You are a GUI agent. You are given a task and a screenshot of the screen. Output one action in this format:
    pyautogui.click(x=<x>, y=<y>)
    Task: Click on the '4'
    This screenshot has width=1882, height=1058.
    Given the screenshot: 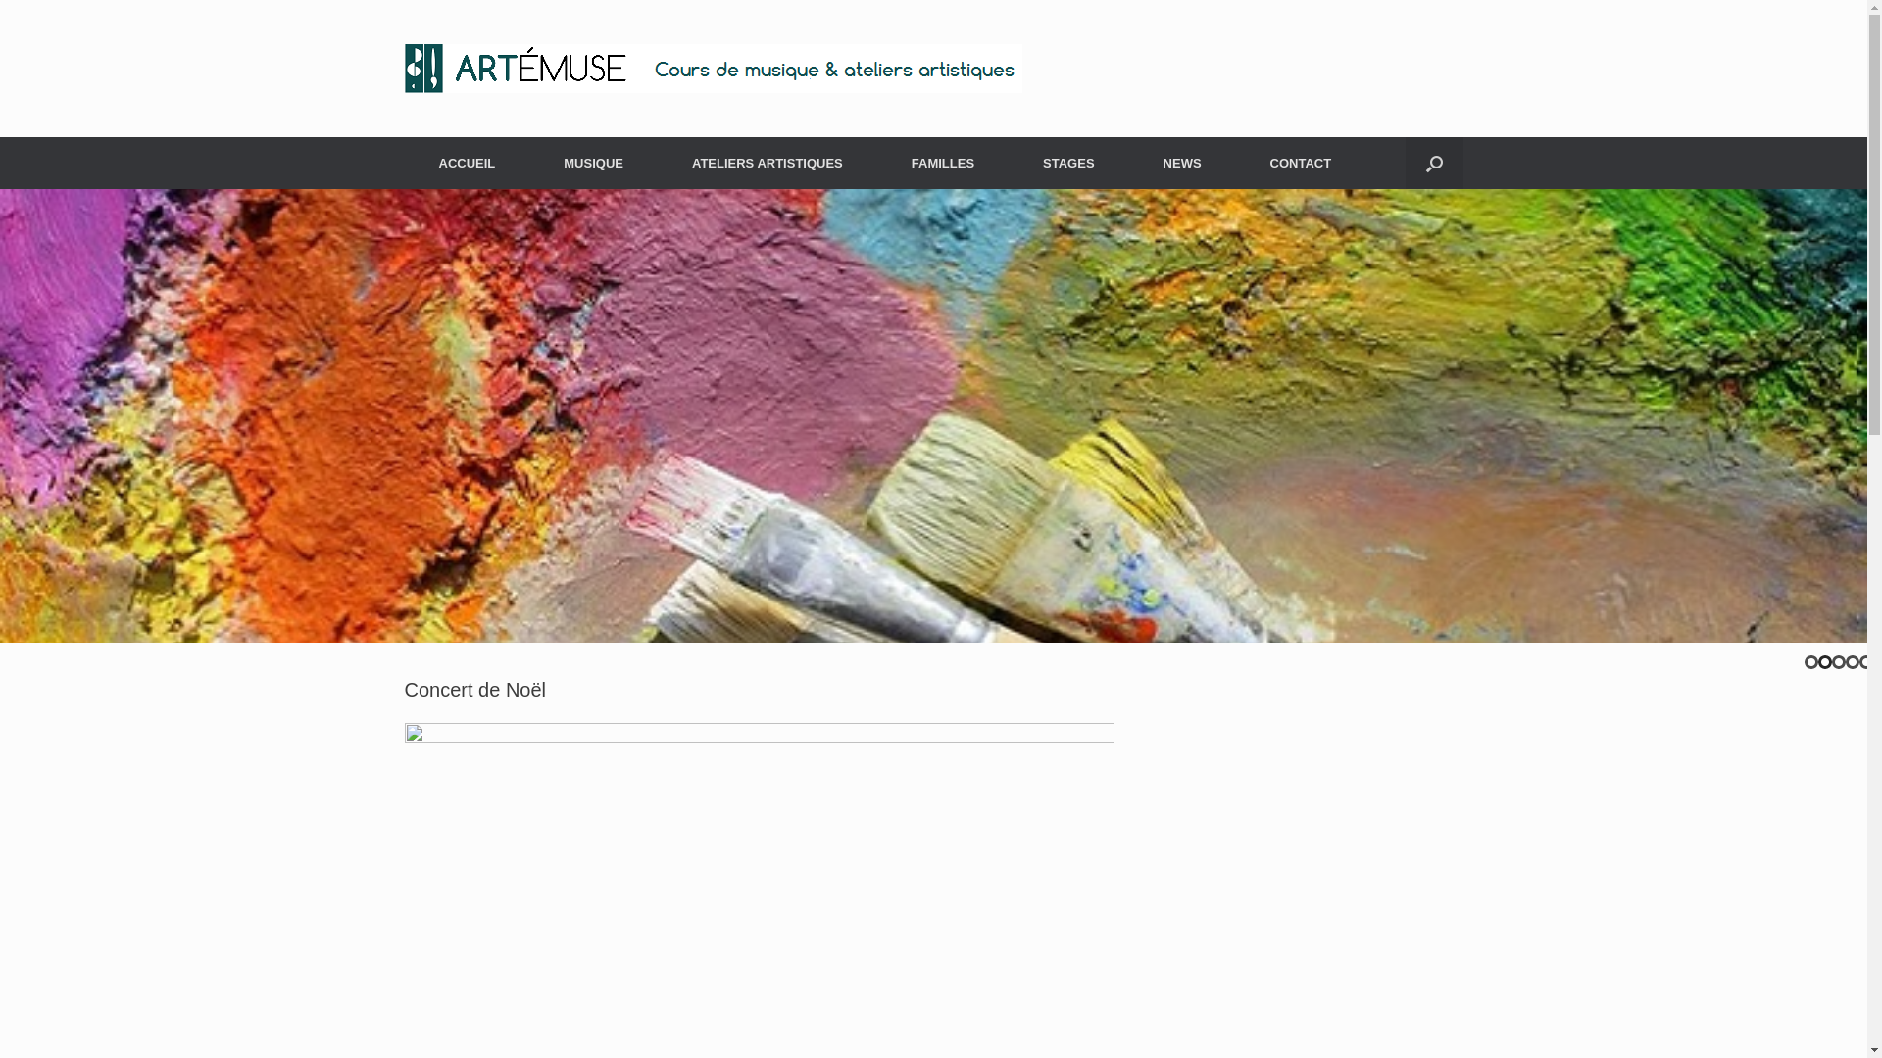 What is the action you would take?
    pyautogui.click(x=1852, y=661)
    